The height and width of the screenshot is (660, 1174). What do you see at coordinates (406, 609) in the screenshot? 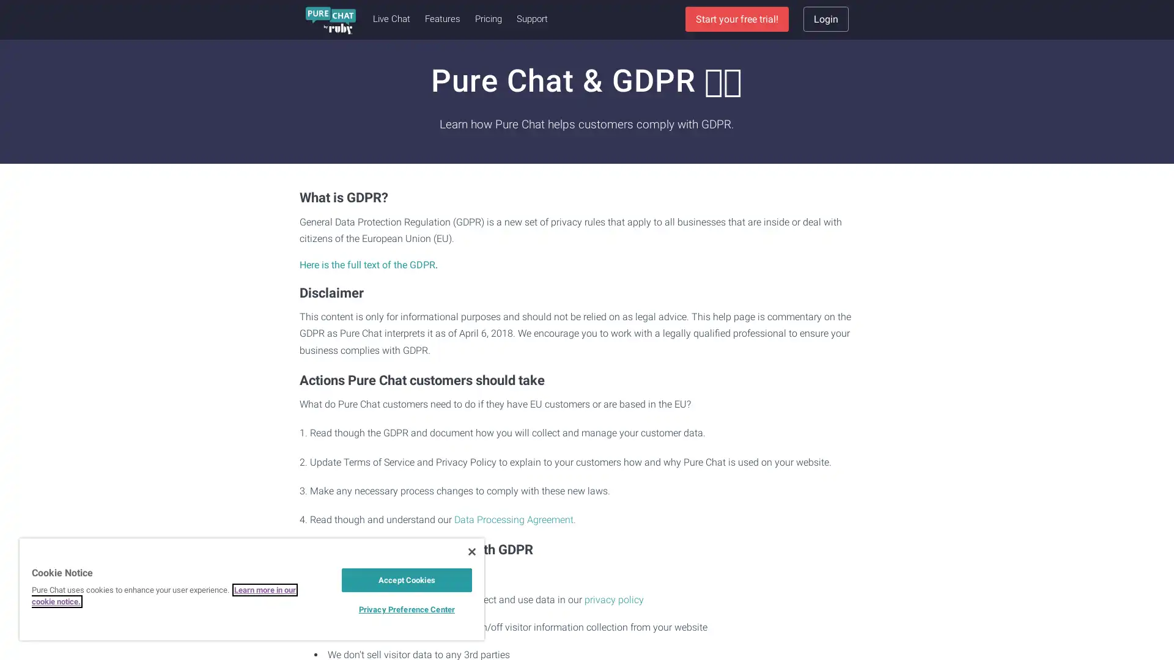
I see `Privacy Preference Center` at bounding box center [406, 609].